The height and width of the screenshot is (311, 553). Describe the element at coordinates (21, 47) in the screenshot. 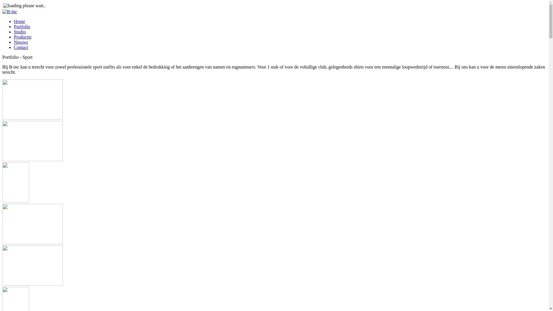

I see `'Contact'` at that location.